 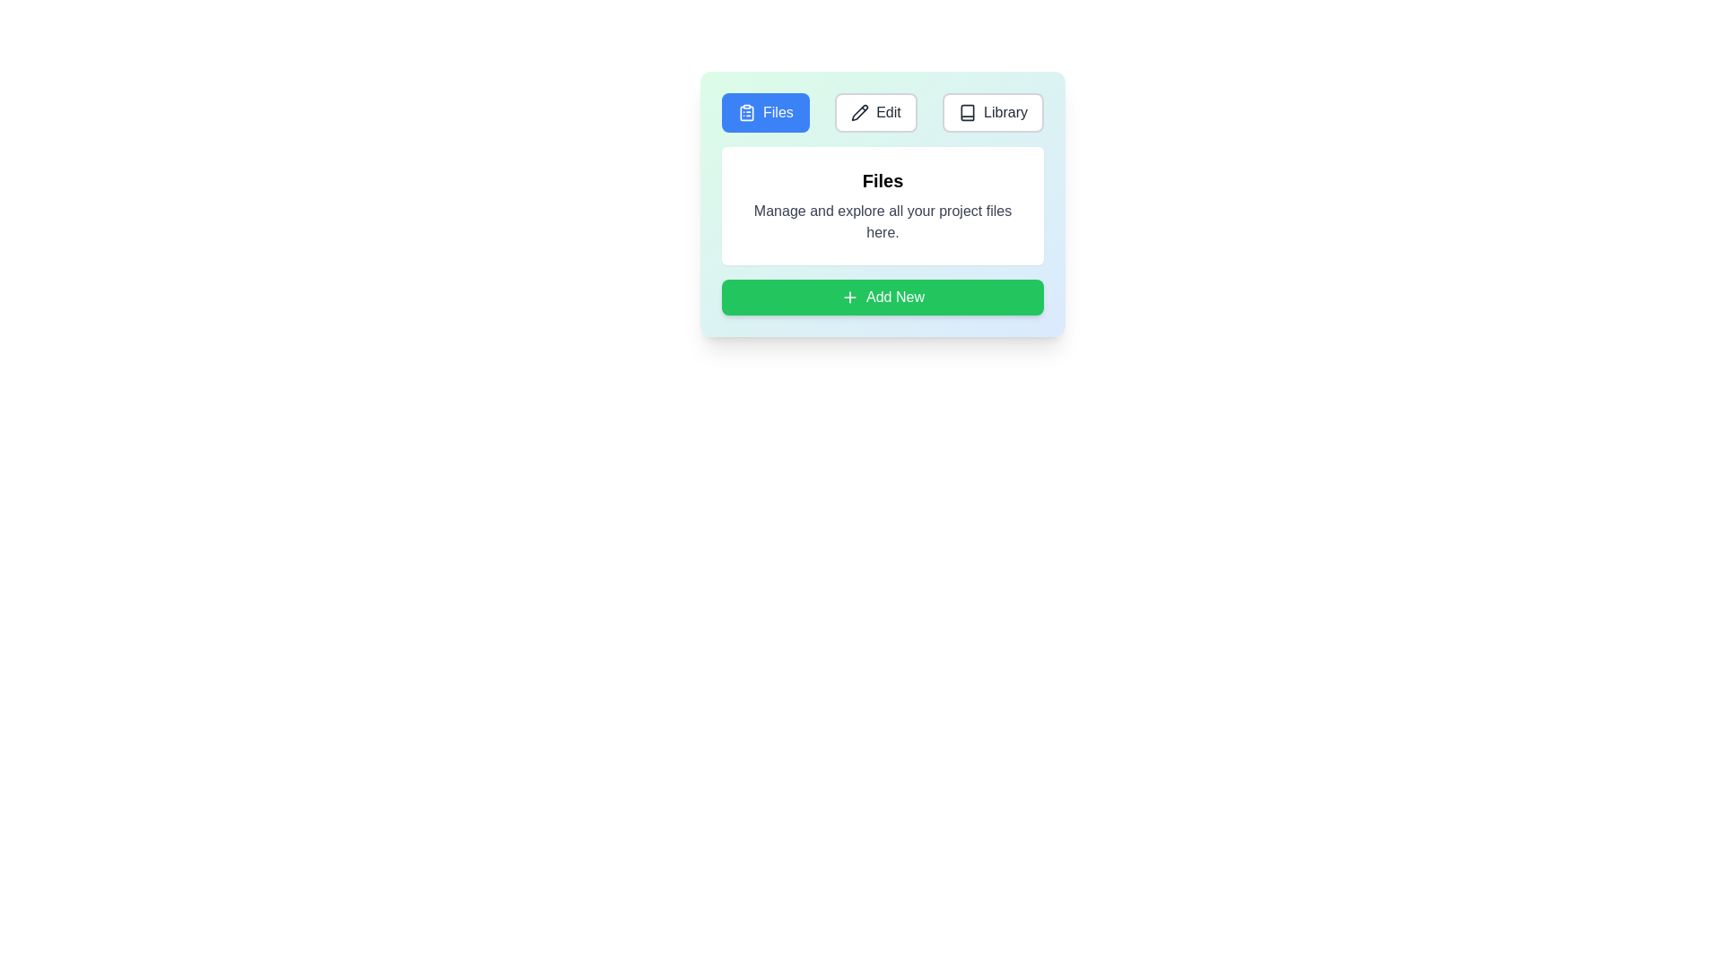 I want to click on the tab labeled Library, so click(x=992, y=113).